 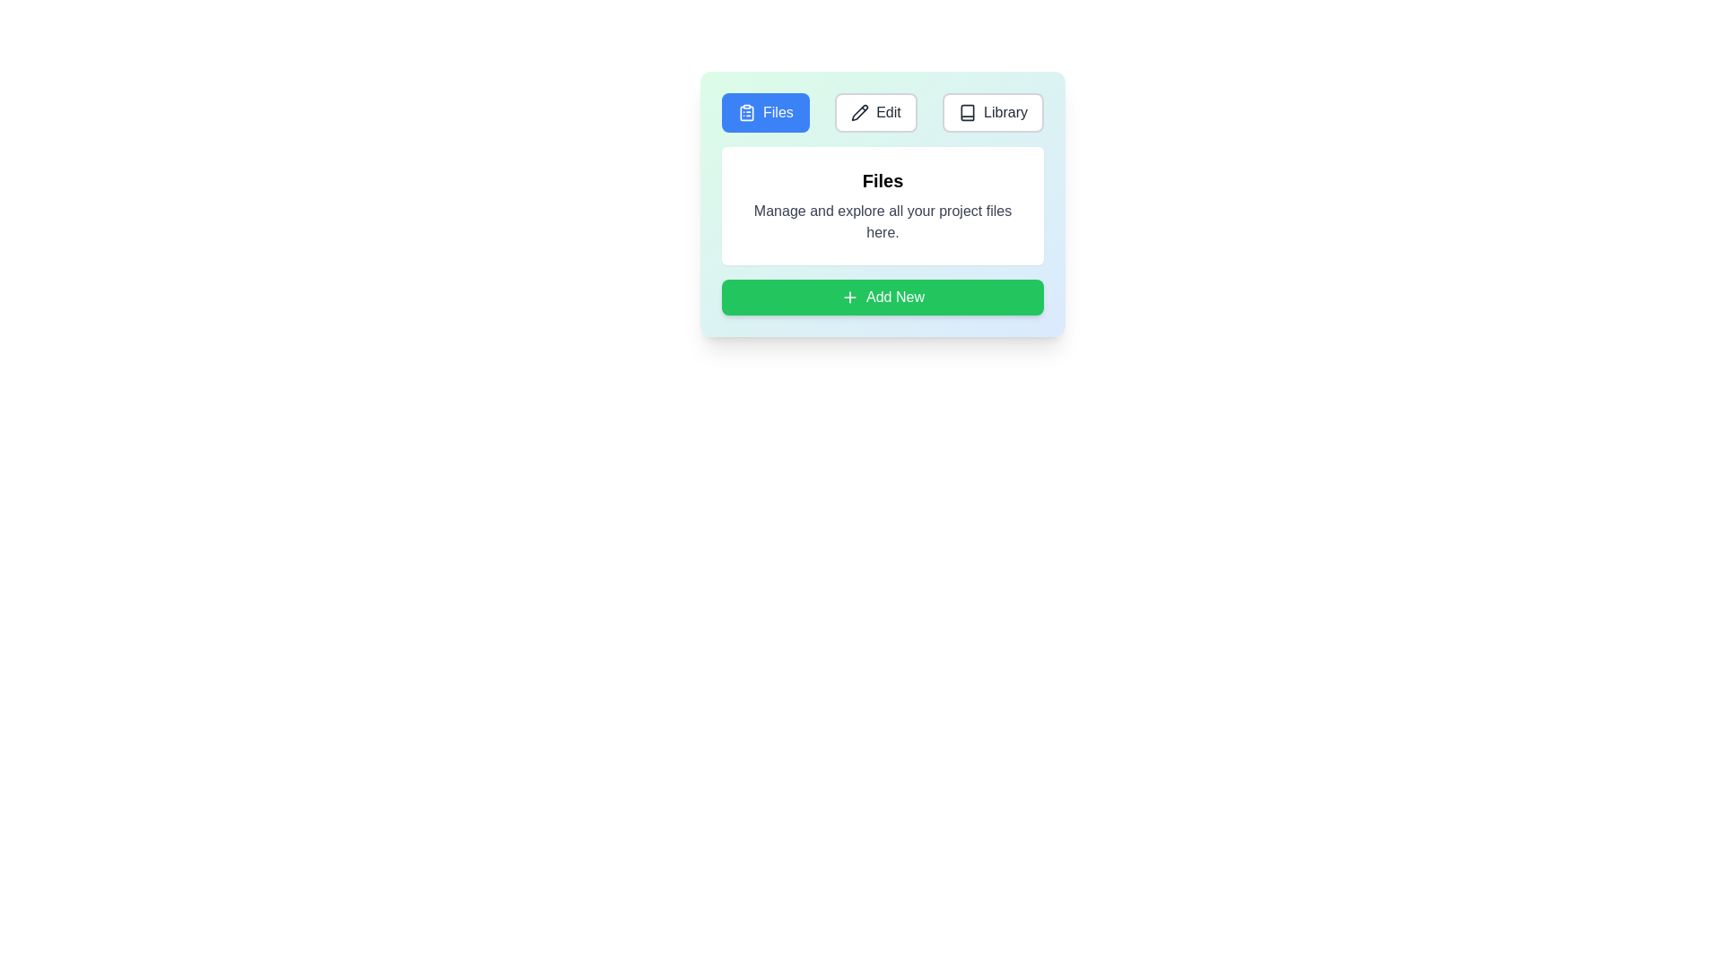 I want to click on the tab labeled Library, so click(x=992, y=113).